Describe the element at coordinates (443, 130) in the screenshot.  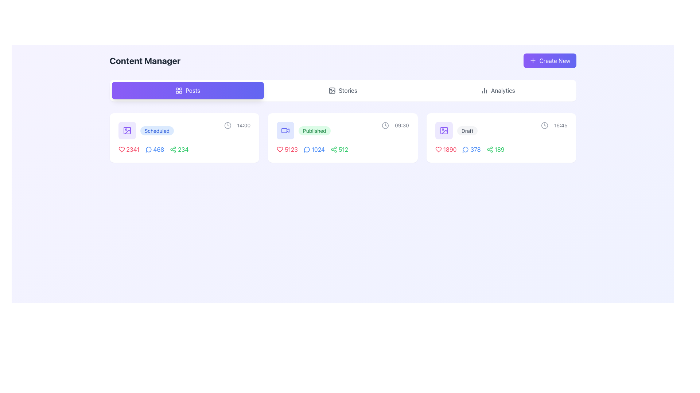
I see `the image type icon located in the top-left corner of the rightmost card, above the 'Draft' label and to the left of the timestamp '16:45'` at that location.